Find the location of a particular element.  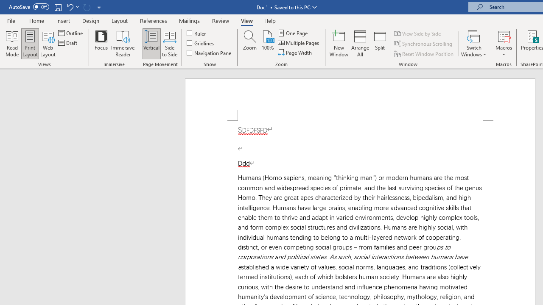

'100%' is located at coordinates (267, 44).